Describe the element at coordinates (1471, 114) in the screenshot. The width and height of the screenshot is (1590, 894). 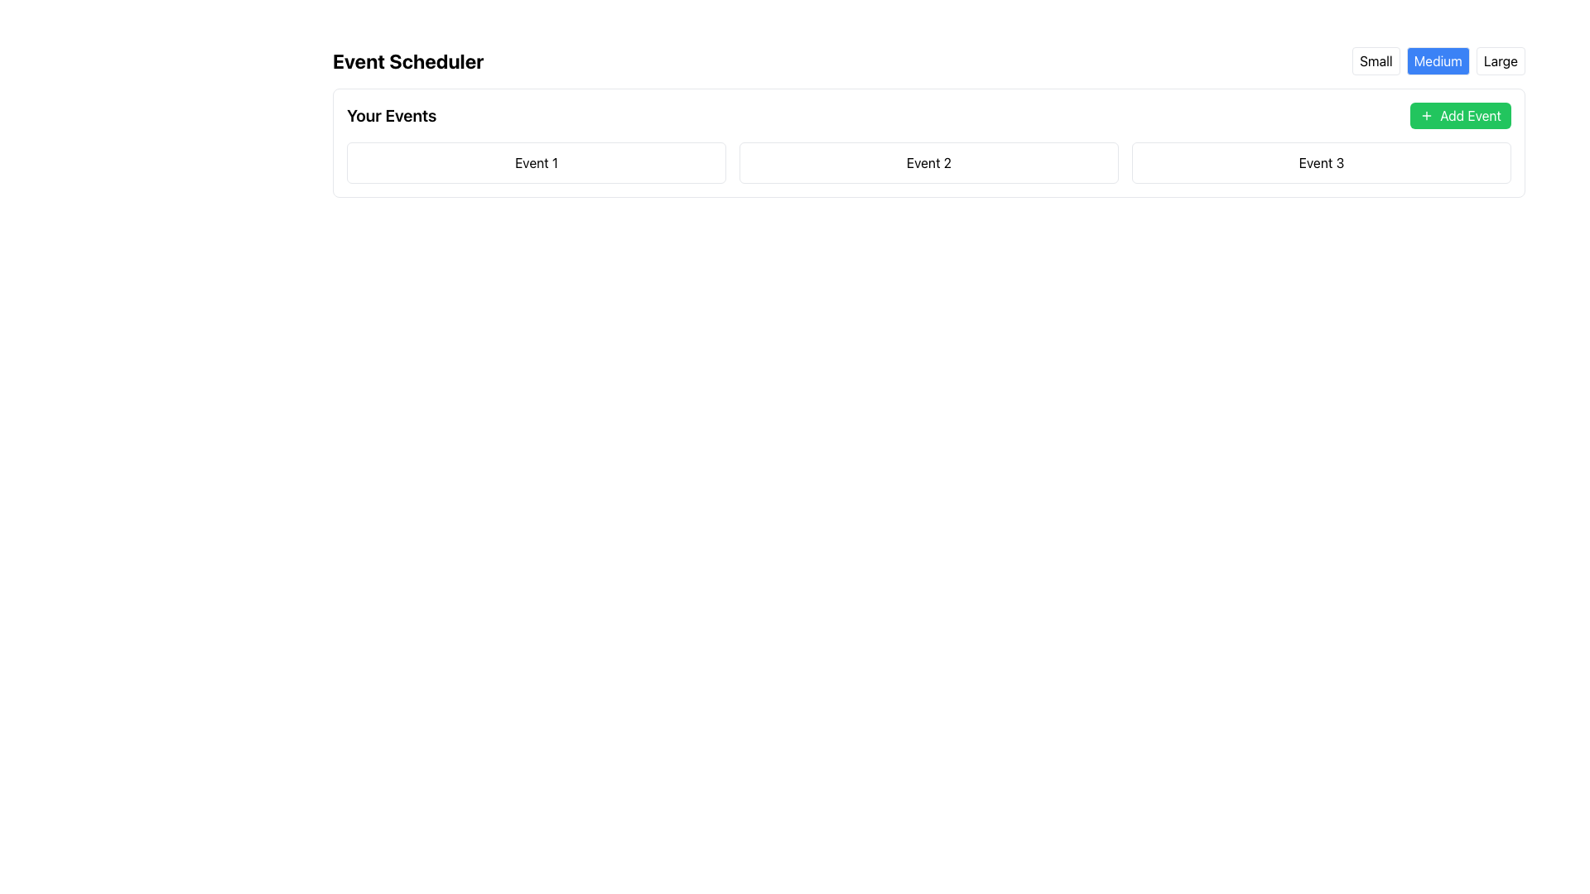
I see `text of the label that describes the purpose of the button for adding a new event, which is positioned within a green button in the top-right area of the 'Your Events' section, adjacent to a '+' icon` at that location.